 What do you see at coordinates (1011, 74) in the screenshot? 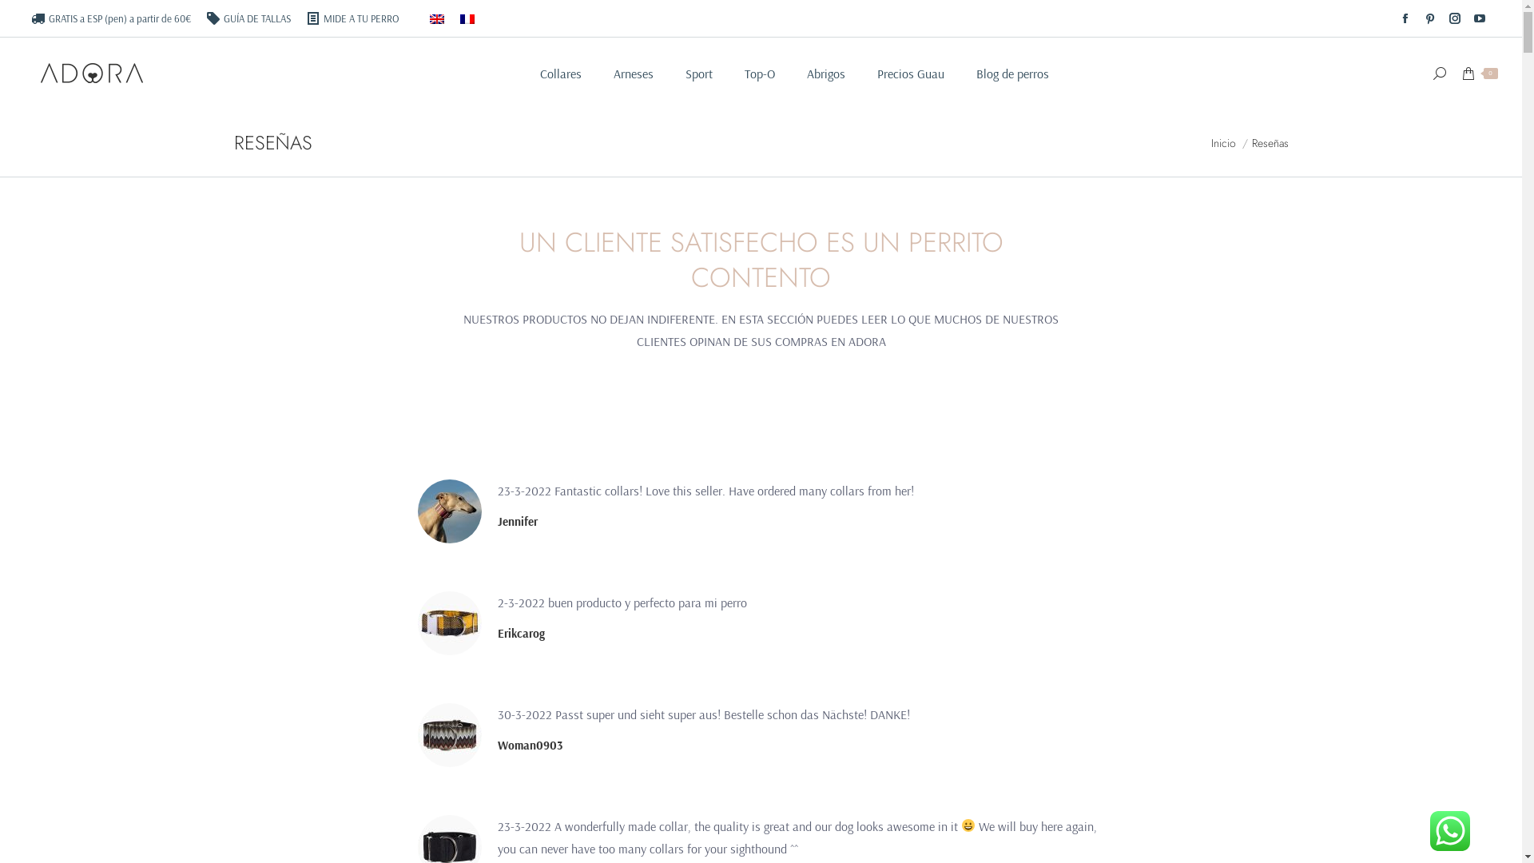
I see `'Blog de perros'` at bounding box center [1011, 74].